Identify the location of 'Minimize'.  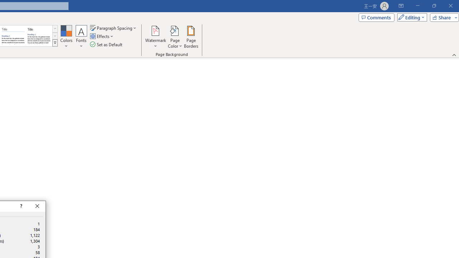
(417, 6).